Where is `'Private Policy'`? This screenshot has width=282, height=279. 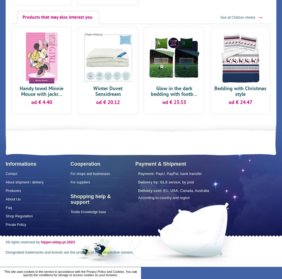 'Private Policy' is located at coordinates (16, 225).